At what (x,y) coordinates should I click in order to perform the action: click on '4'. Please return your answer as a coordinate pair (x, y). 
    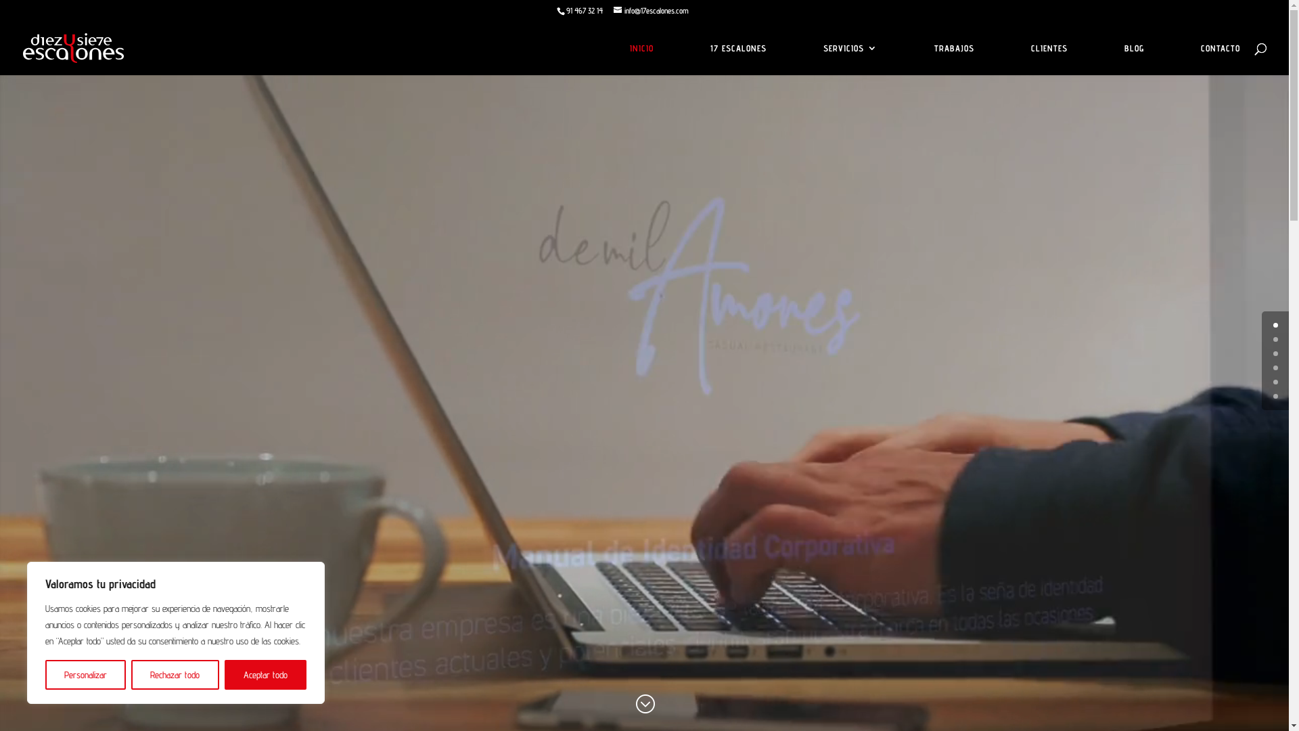
    Looking at the image, I should click on (1275, 382).